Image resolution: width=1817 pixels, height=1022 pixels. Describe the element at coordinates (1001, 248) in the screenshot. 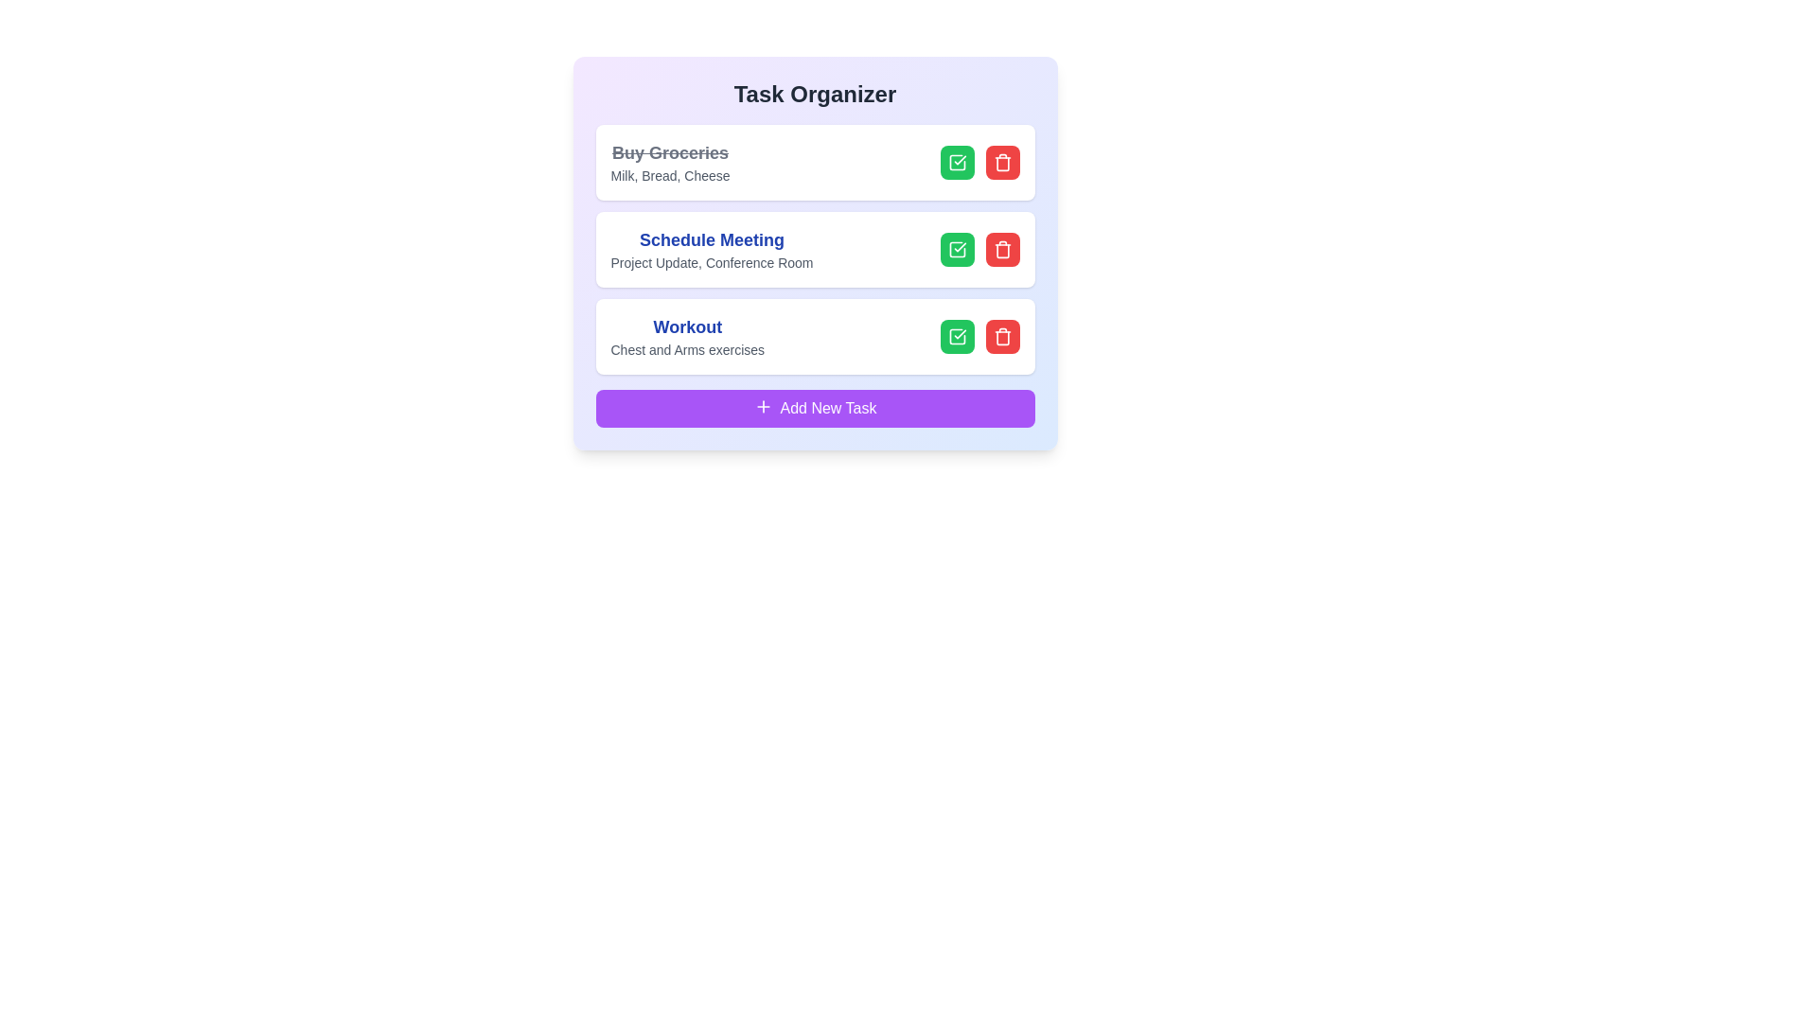

I see `the delete button for the task named Schedule Meeting` at that location.